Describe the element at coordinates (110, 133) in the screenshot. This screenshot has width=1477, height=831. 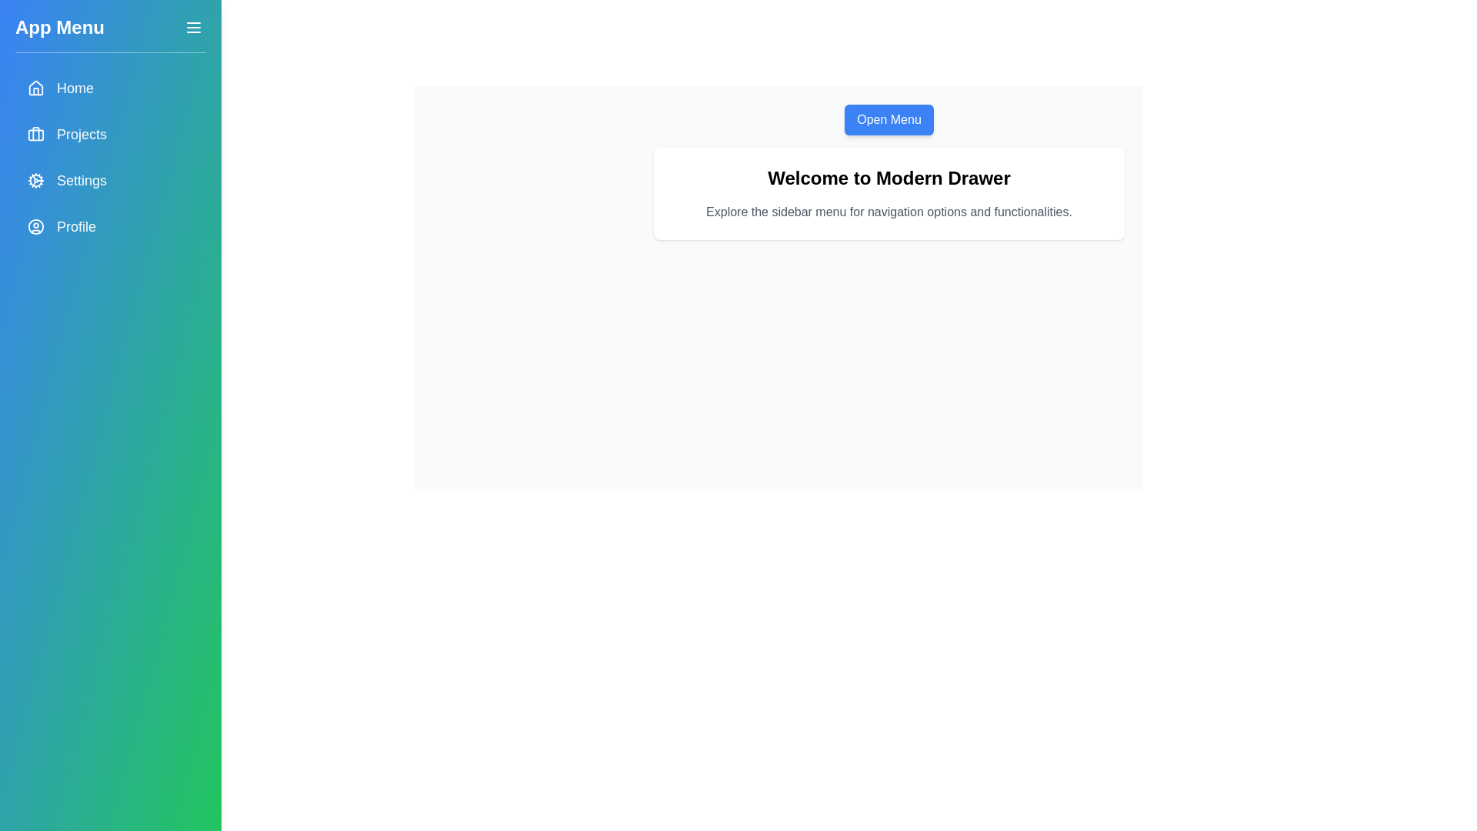
I see `the navigation option Projects from the sidebar menu` at that location.